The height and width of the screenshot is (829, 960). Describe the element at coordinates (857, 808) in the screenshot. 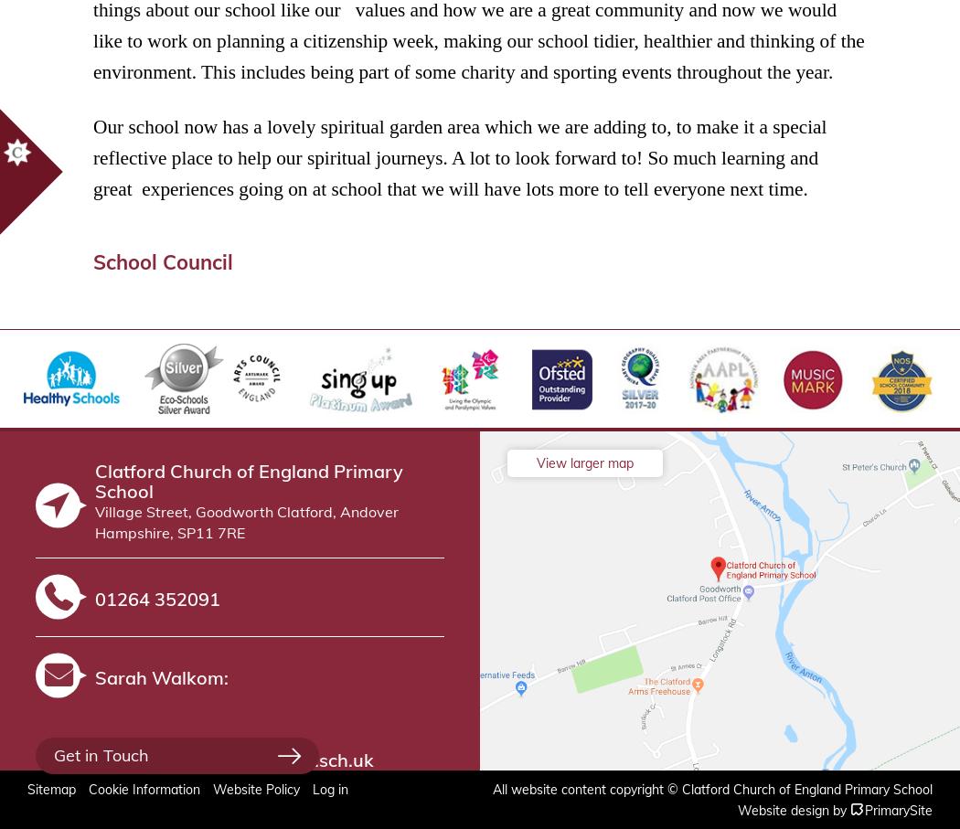

I see `'A'` at that location.